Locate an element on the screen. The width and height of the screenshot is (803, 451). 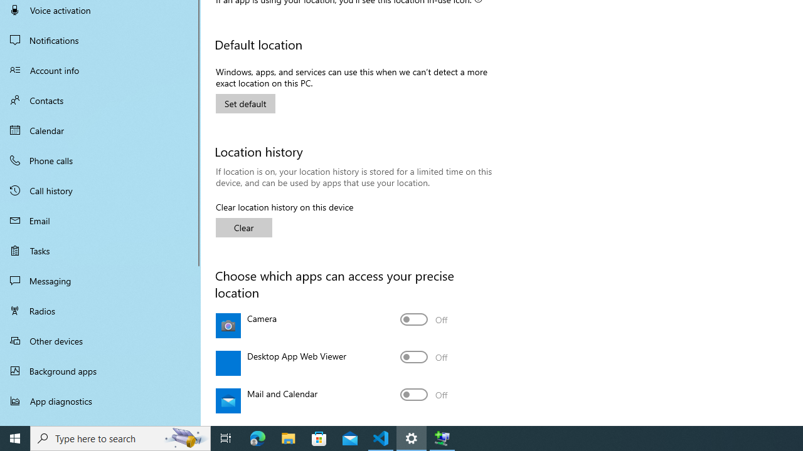
'Other devices' is located at coordinates (100, 340).